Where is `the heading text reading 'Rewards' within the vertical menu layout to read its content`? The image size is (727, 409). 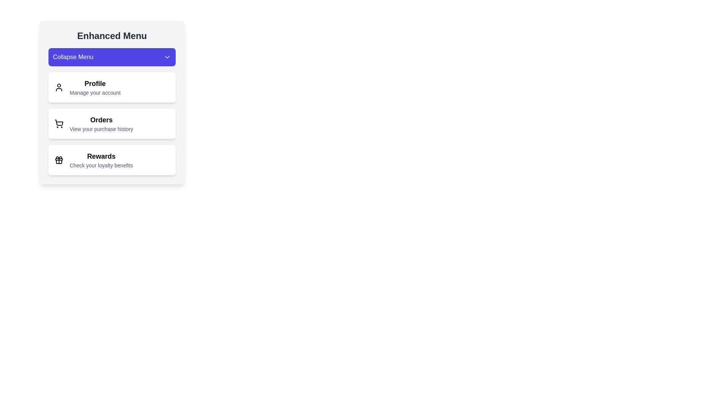
the heading text reading 'Rewards' within the vertical menu layout to read its content is located at coordinates (101, 156).